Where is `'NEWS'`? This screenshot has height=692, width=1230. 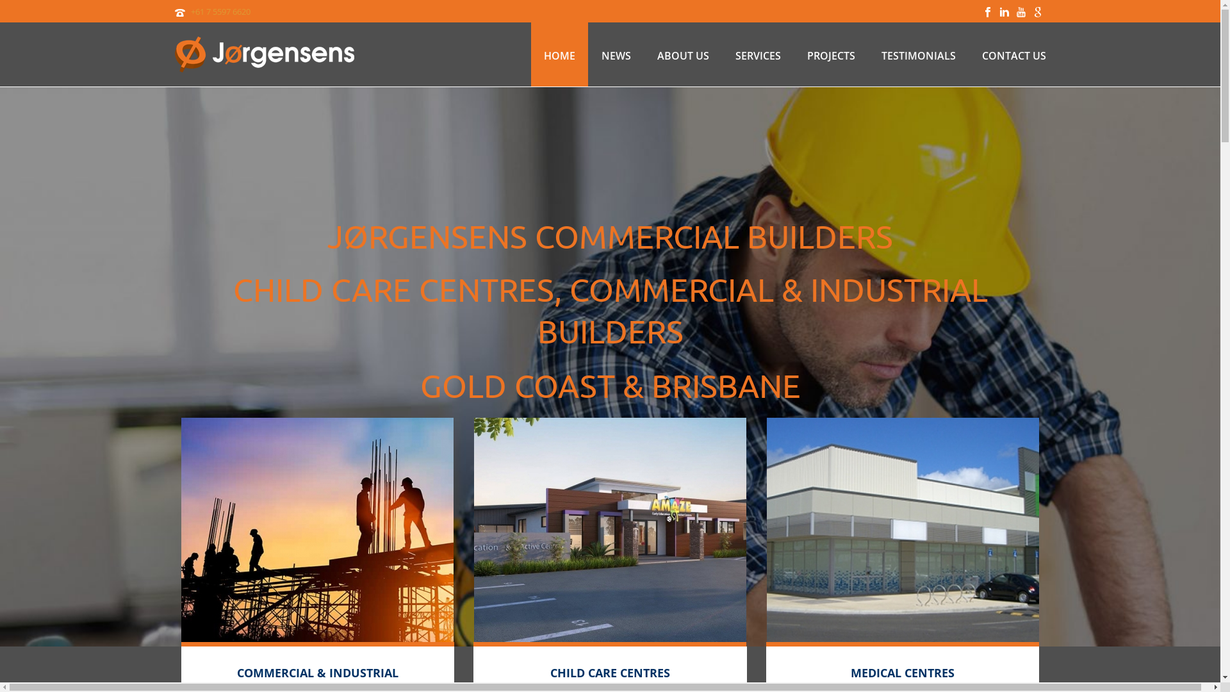 'NEWS' is located at coordinates (587, 53).